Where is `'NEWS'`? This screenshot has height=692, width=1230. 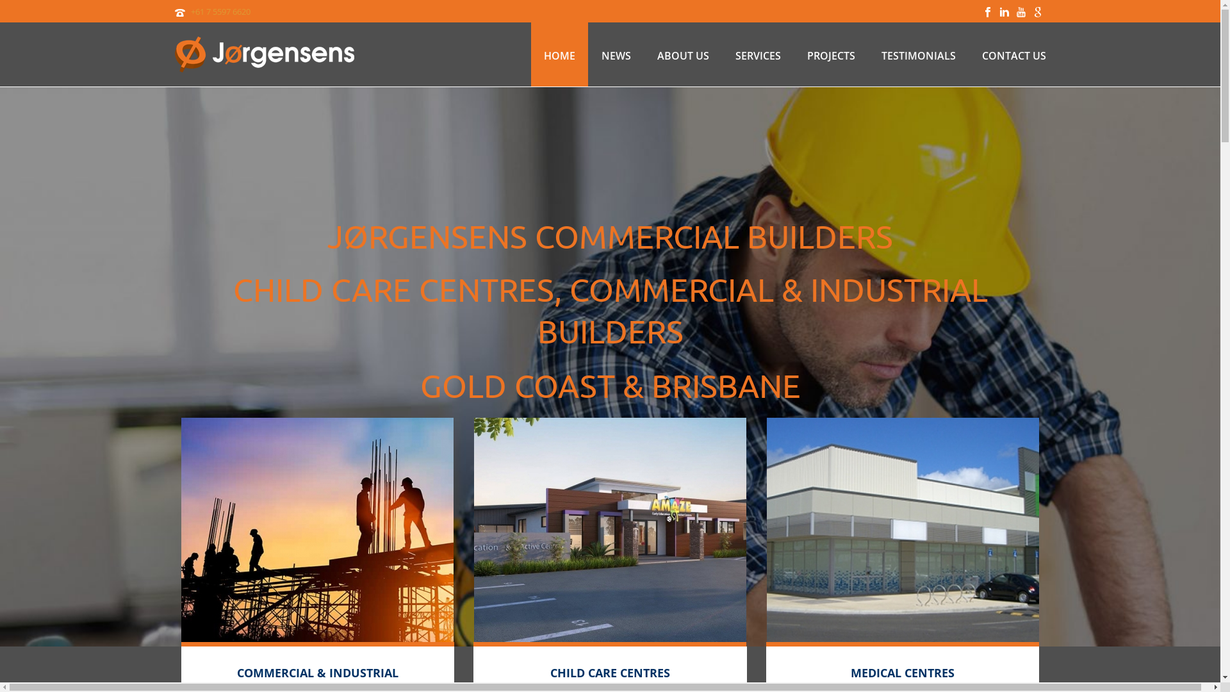 'NEWS' is located at coordinates (587, 53).